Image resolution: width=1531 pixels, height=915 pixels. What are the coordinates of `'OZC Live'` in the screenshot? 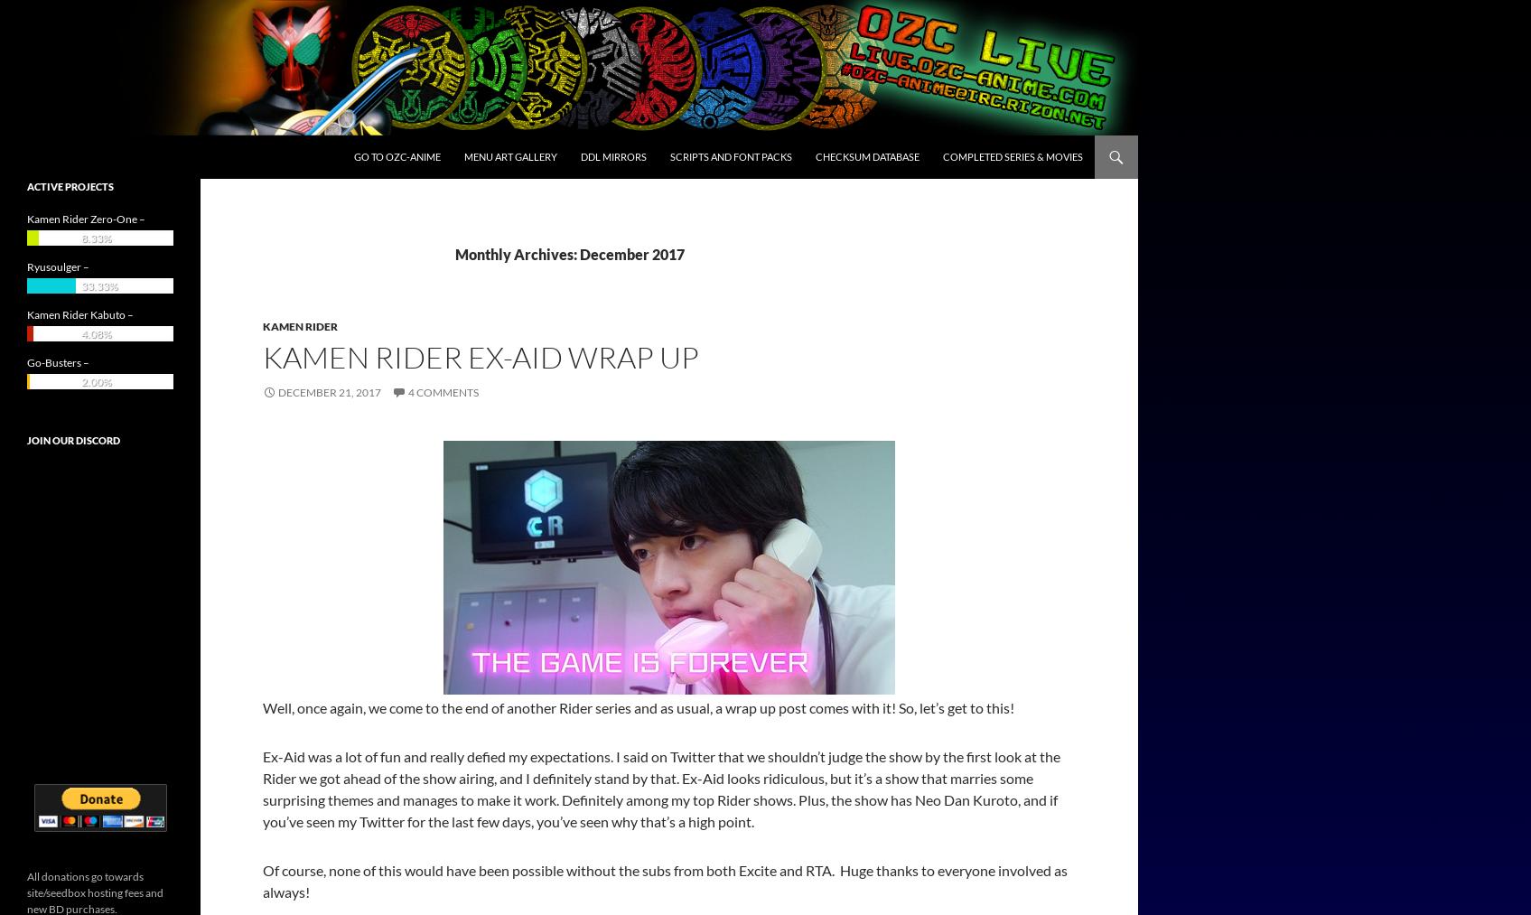 It's located at (59, 157).